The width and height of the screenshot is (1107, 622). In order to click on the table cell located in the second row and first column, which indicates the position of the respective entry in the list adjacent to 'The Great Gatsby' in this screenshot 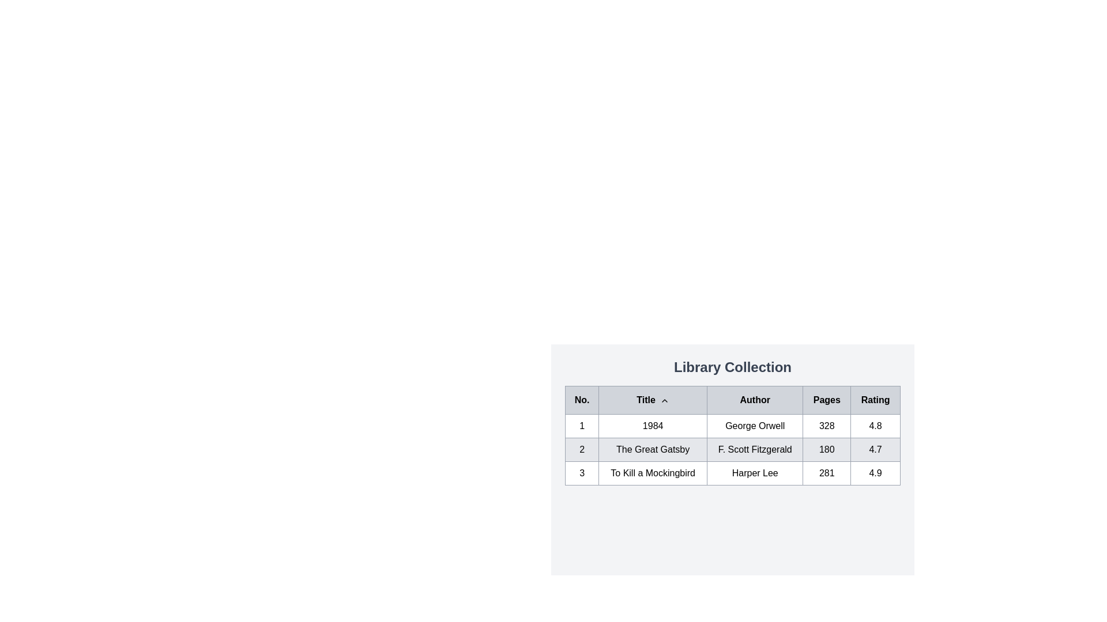, I will do `click(582, 449)`.